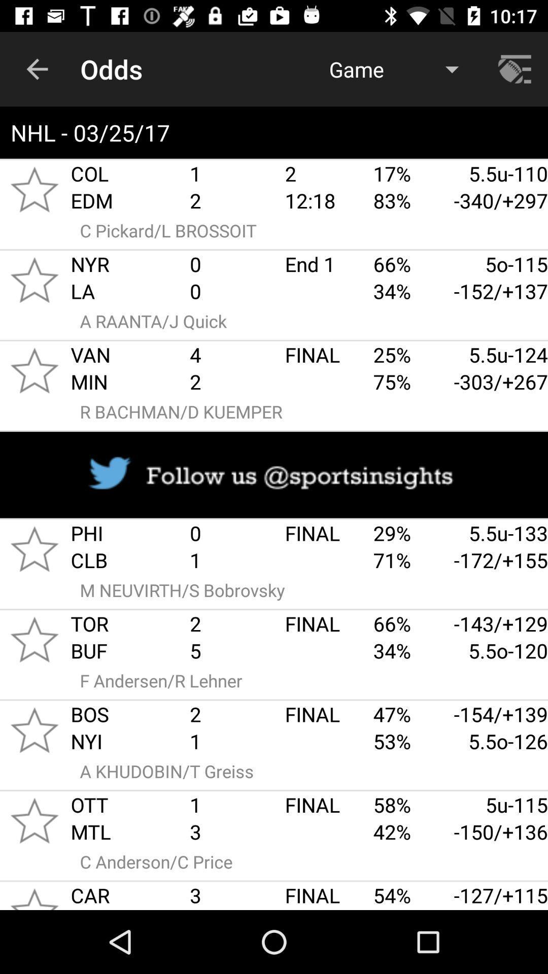 The image size is (548, 974). What do you see at coordinates (34, 280) in the screenshot?
I see `favorite` at bounding box center [34, 280].